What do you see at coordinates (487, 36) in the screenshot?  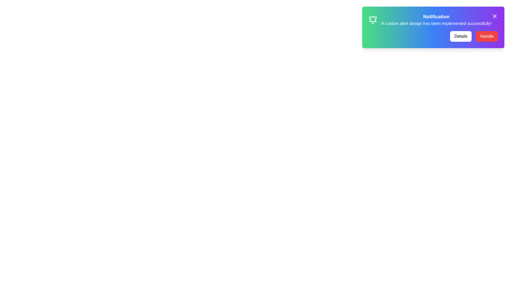 I see `the 'Handle' button to mark the alert as handled` at bounding box center [487, 36].